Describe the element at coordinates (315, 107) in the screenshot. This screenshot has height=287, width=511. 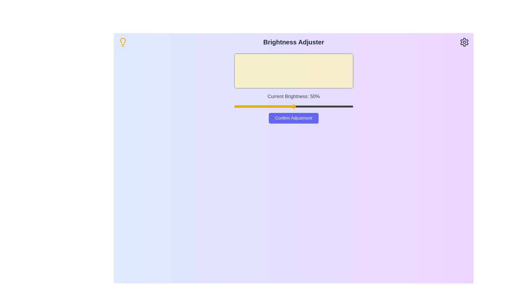
I see `the brightness slider to 68%` at that location.